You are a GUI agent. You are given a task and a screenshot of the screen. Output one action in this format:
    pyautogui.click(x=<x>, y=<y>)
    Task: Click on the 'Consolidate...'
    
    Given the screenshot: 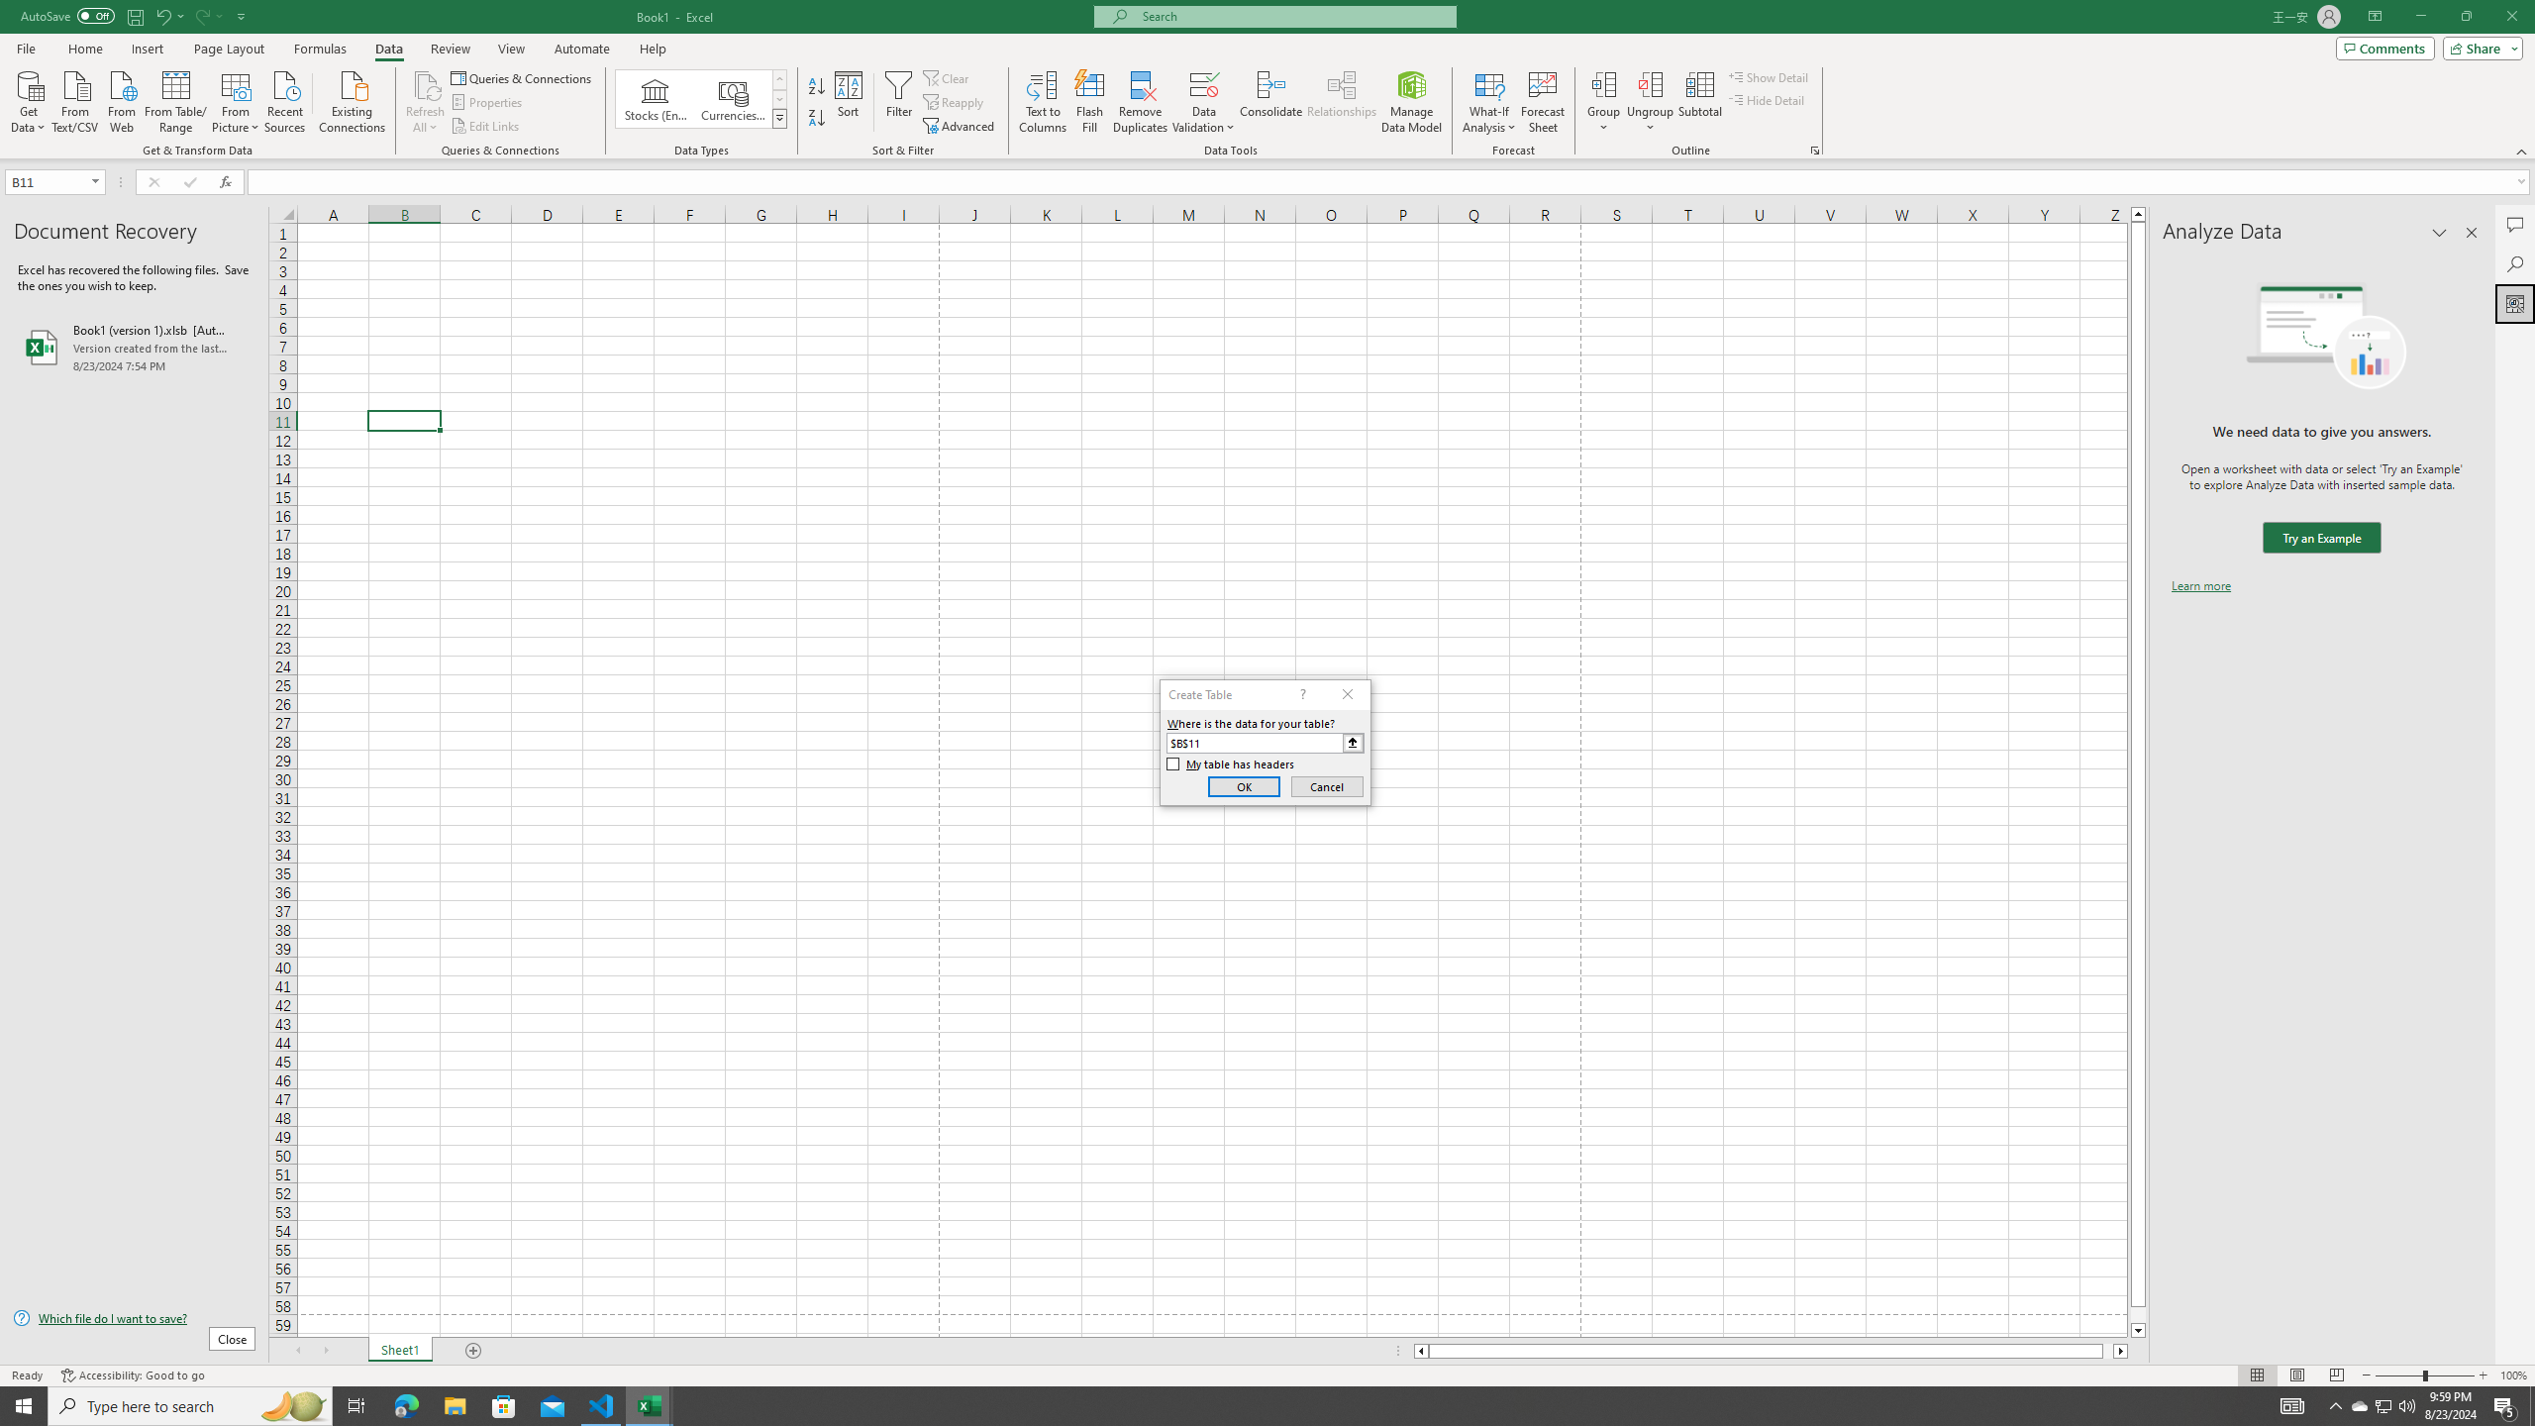 What is the action you would take?
    pyautogui.click(x=1270, y=102)
    